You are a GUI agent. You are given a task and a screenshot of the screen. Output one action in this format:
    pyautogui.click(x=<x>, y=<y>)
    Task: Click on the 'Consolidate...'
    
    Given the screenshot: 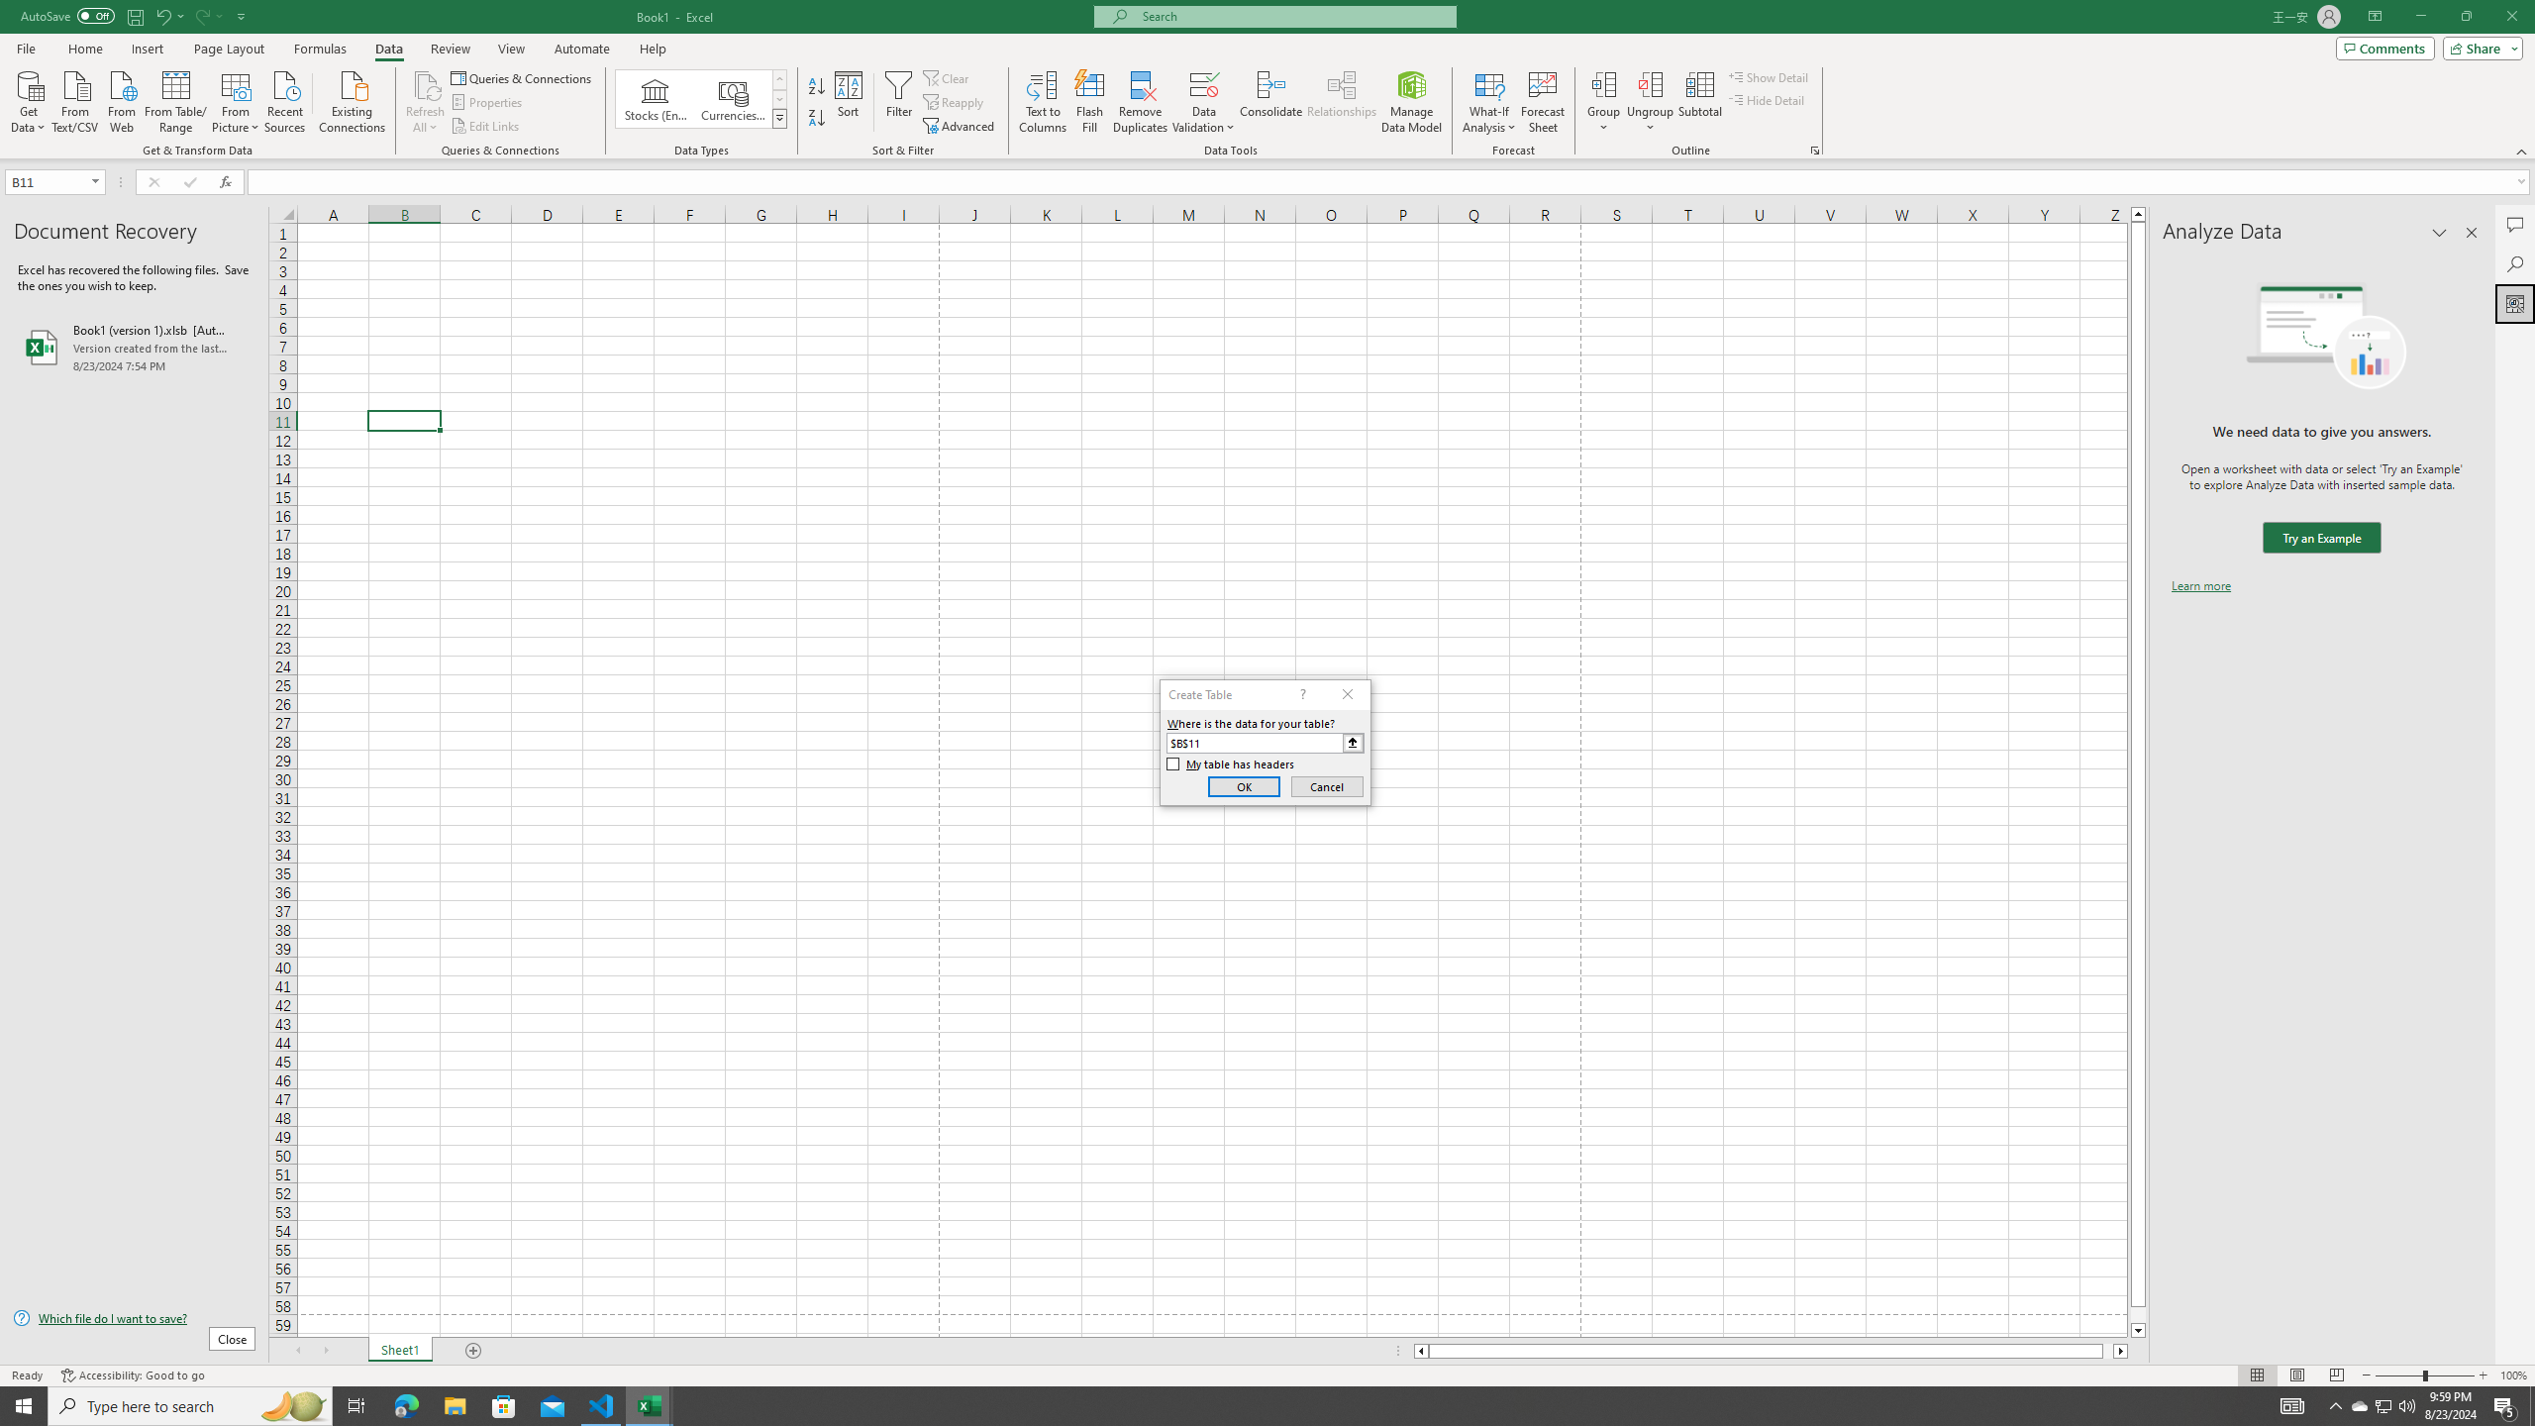 What is the action you would take?
    pyautogui.click(x=1270, y=102)
    